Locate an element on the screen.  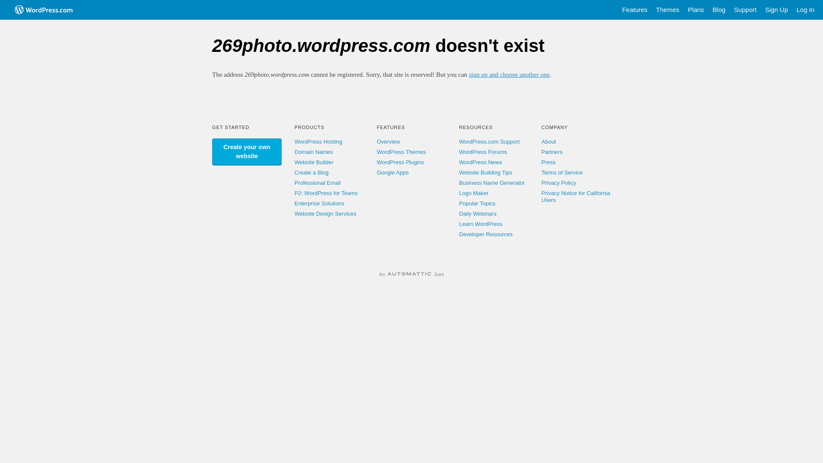
'WordPress Forums' is located at coordinates (483, 151).